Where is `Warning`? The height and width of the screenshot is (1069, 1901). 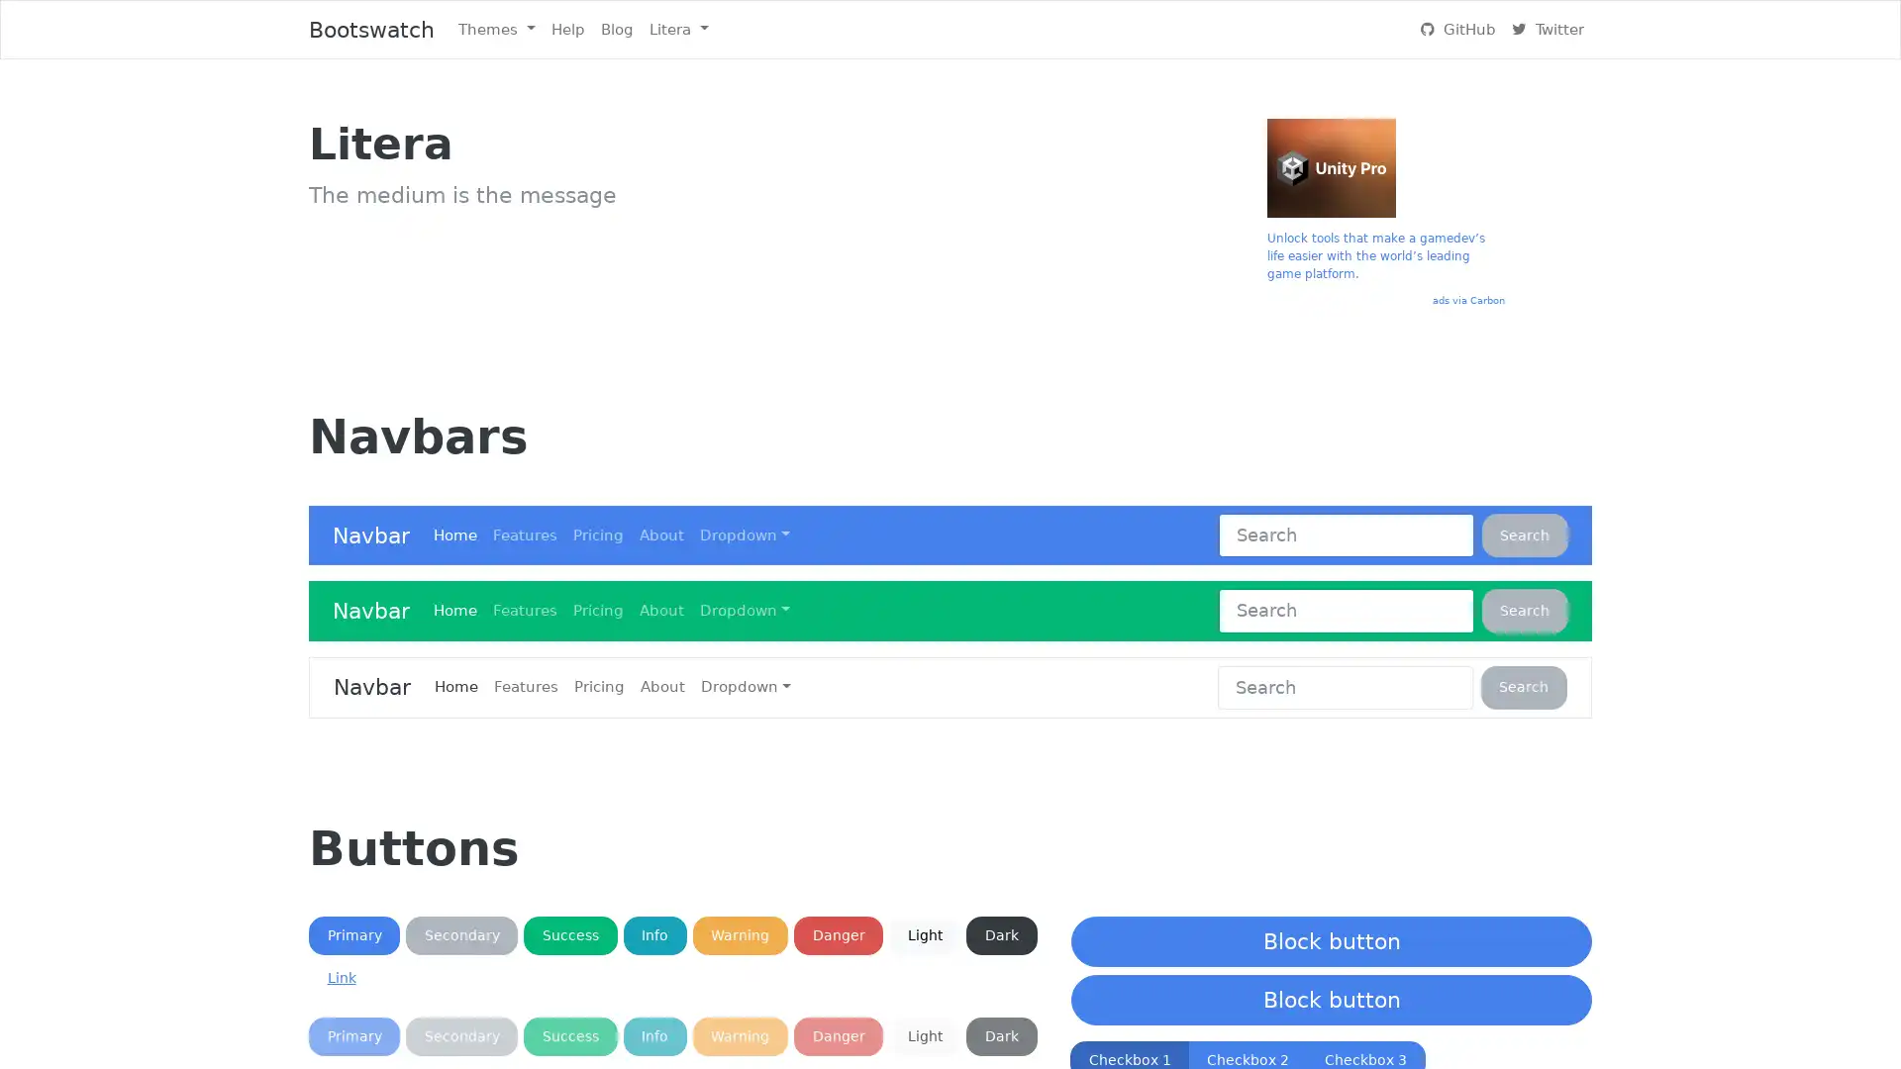 Warning is located at coordinates (739, 935).